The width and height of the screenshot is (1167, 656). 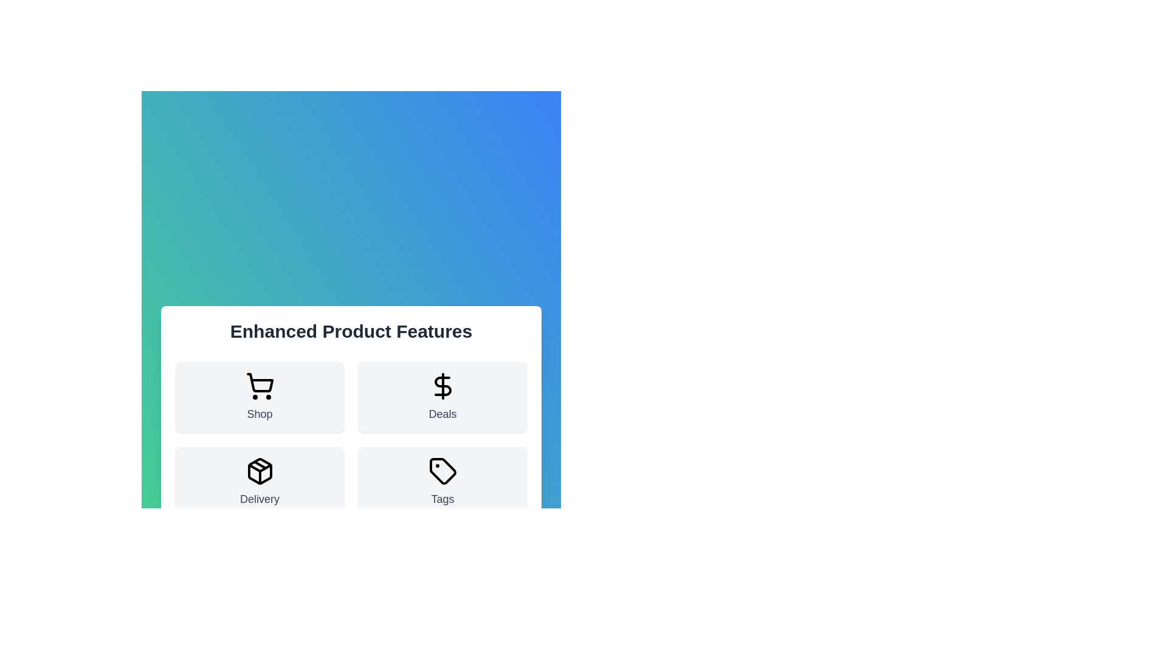 What do you see at coordinates (442, 499) in the screenshot?
I see `the text label 'Tags' which is styled in gray and located beneath a tag icon in the bottom-right section of a grid layout` at bounding box center [442, 499].